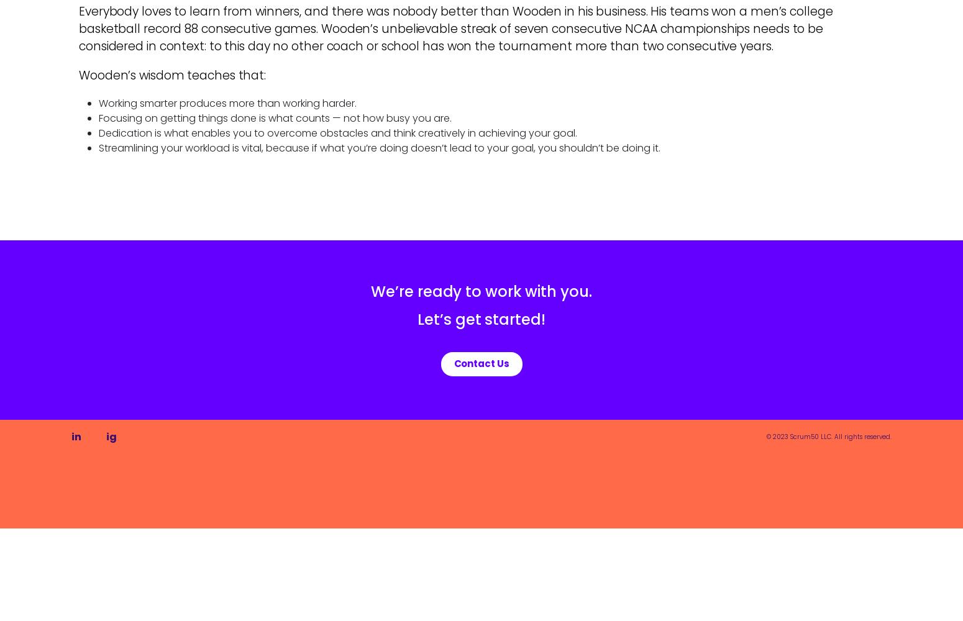  I want to click on 'We’re ready to work with you.', so click(481, 291).